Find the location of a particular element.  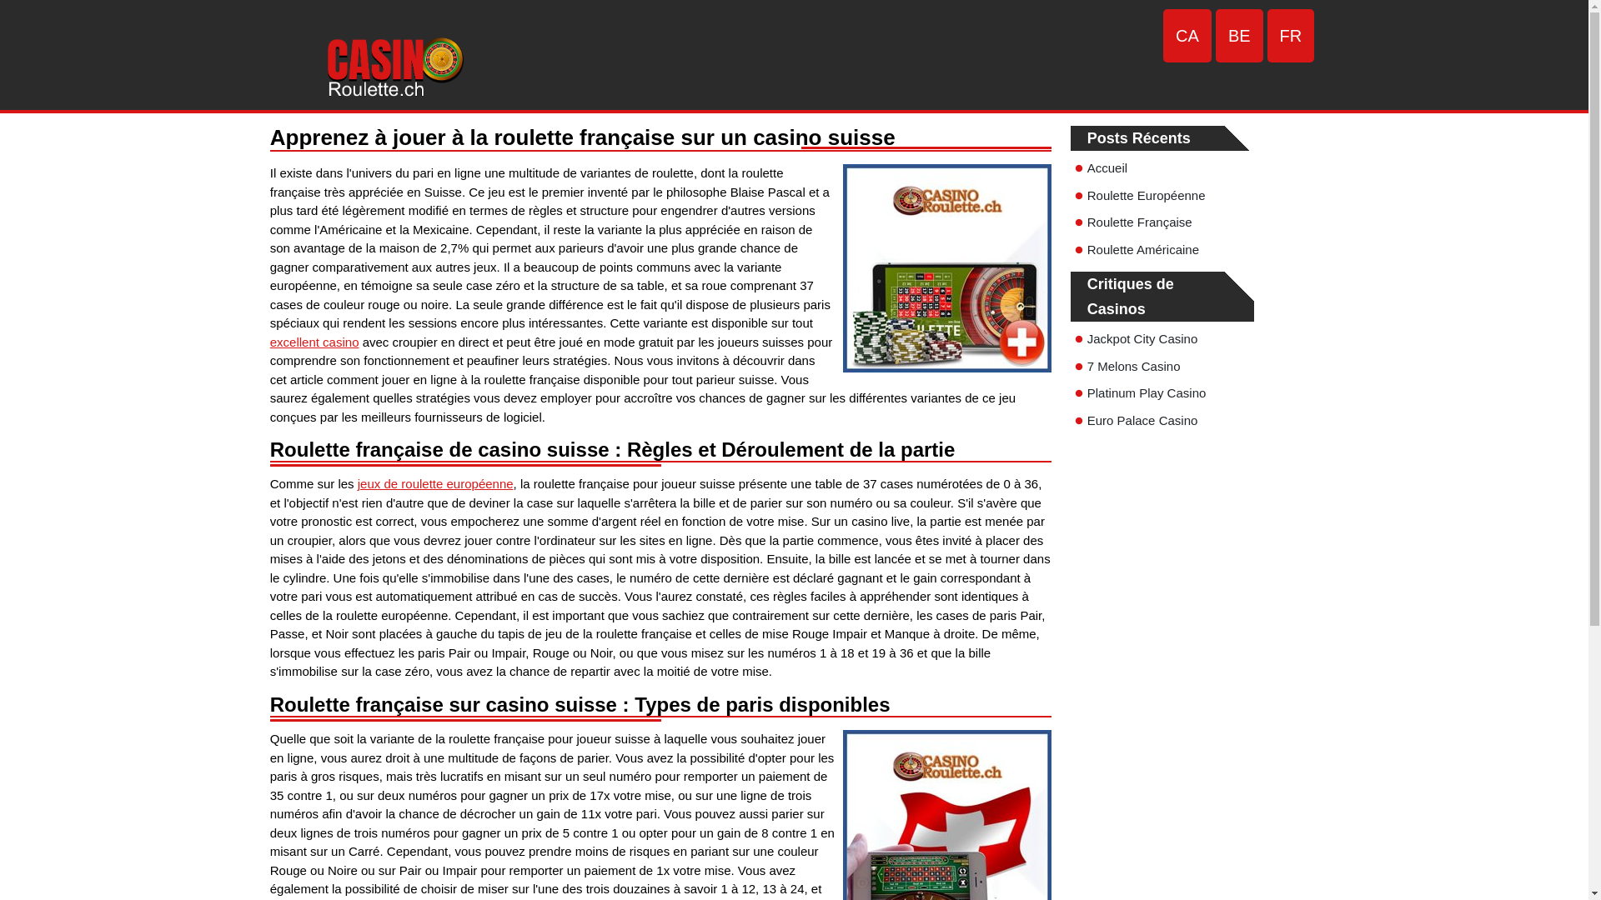

'CA' is located at coordinates (1162, 35).